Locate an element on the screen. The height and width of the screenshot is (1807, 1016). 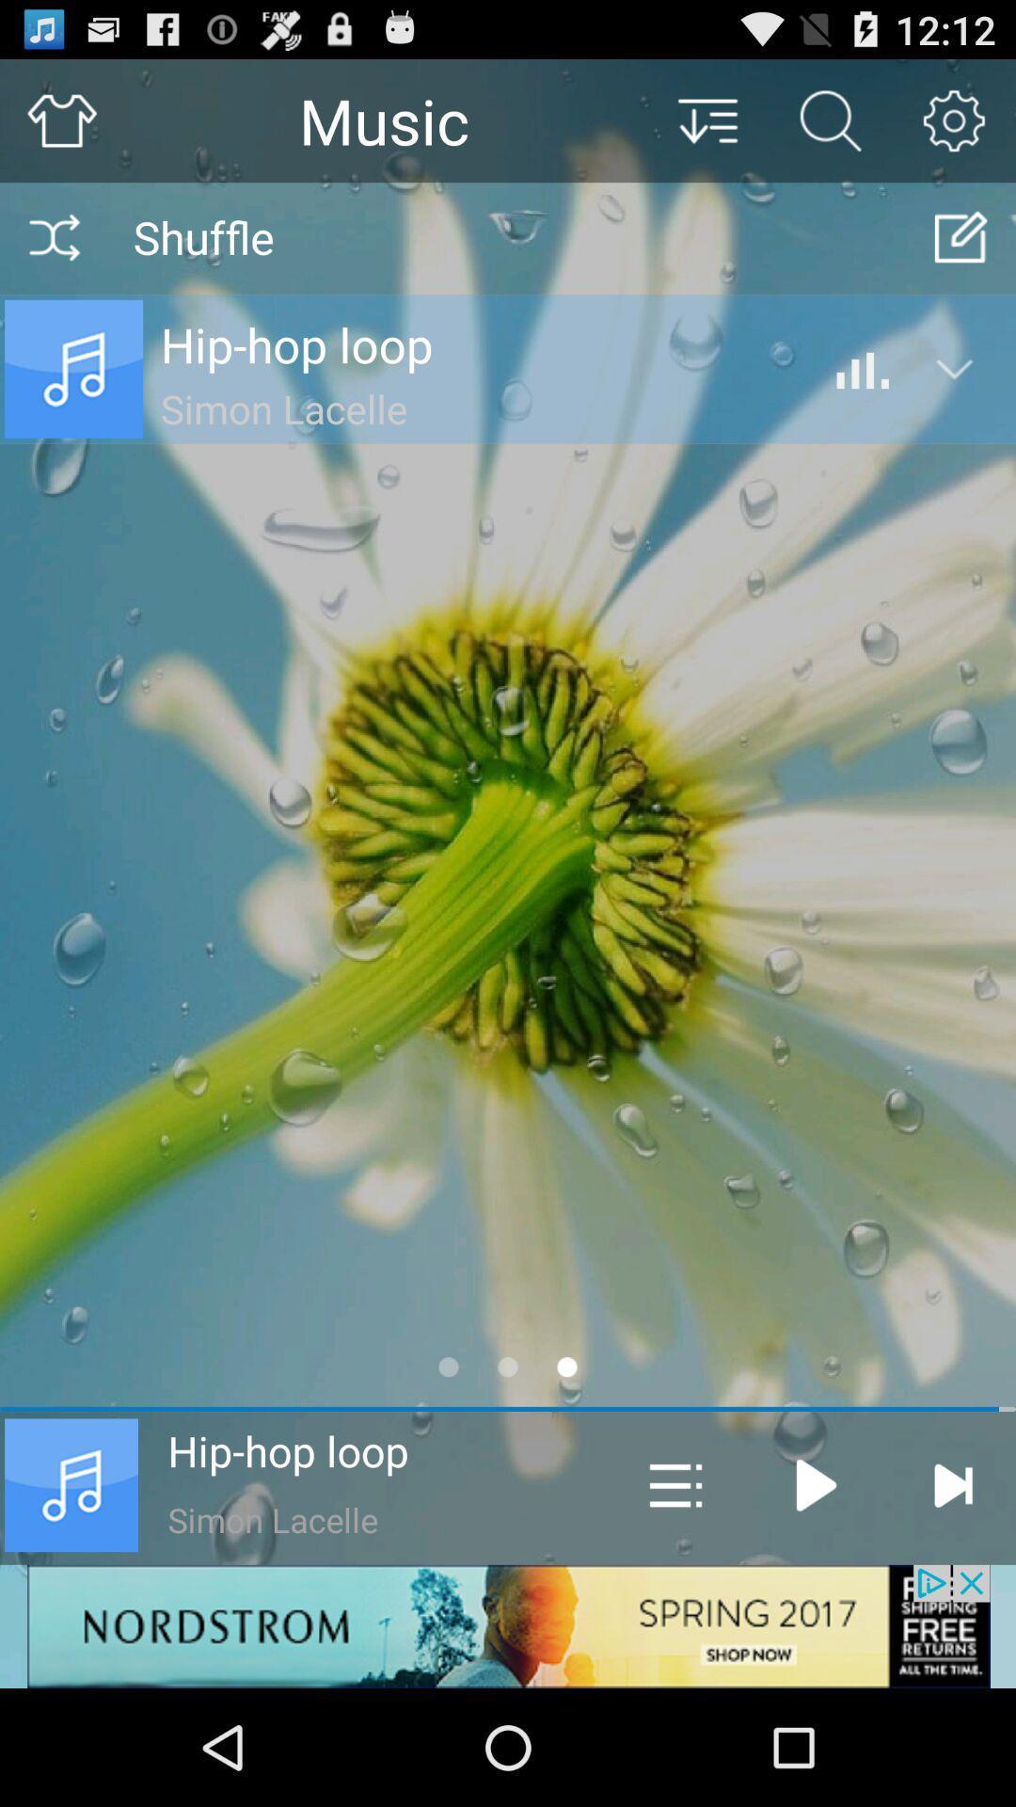
the search icon is located at coordinates (830, 128).